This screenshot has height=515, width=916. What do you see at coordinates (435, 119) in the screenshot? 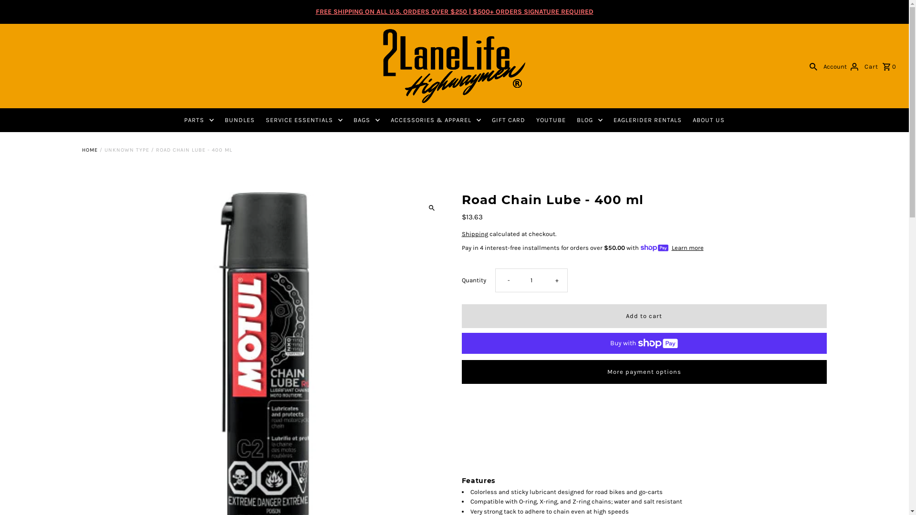
I see `'ACCESSORIES & APPAREL'` at bounding box center [435, 119].